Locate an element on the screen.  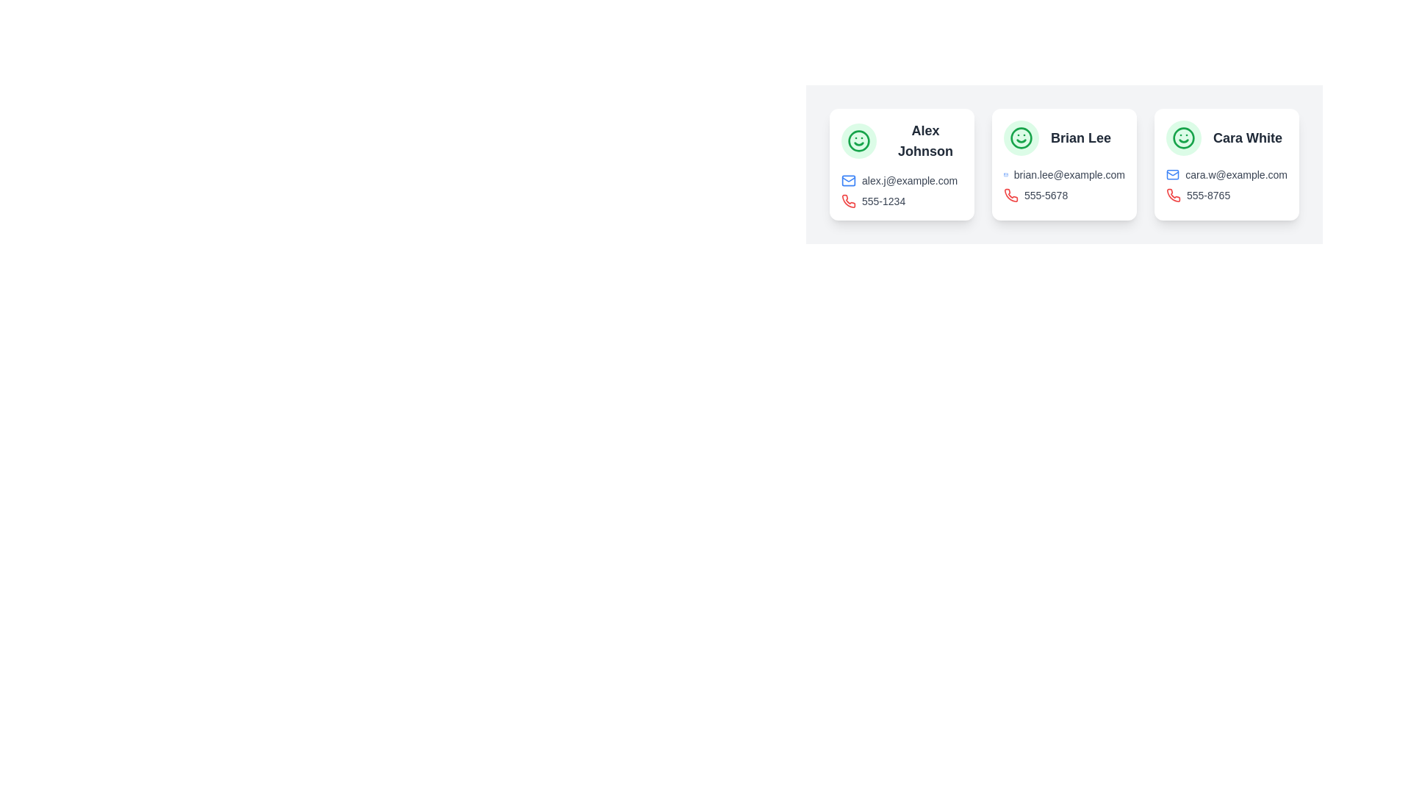
the small rectangle with rounded corners, styled with a blue outline, which is part of the envelope icon located to the left of the email address 'cara.w@example.com.' is located at coordinates (1172, 174).